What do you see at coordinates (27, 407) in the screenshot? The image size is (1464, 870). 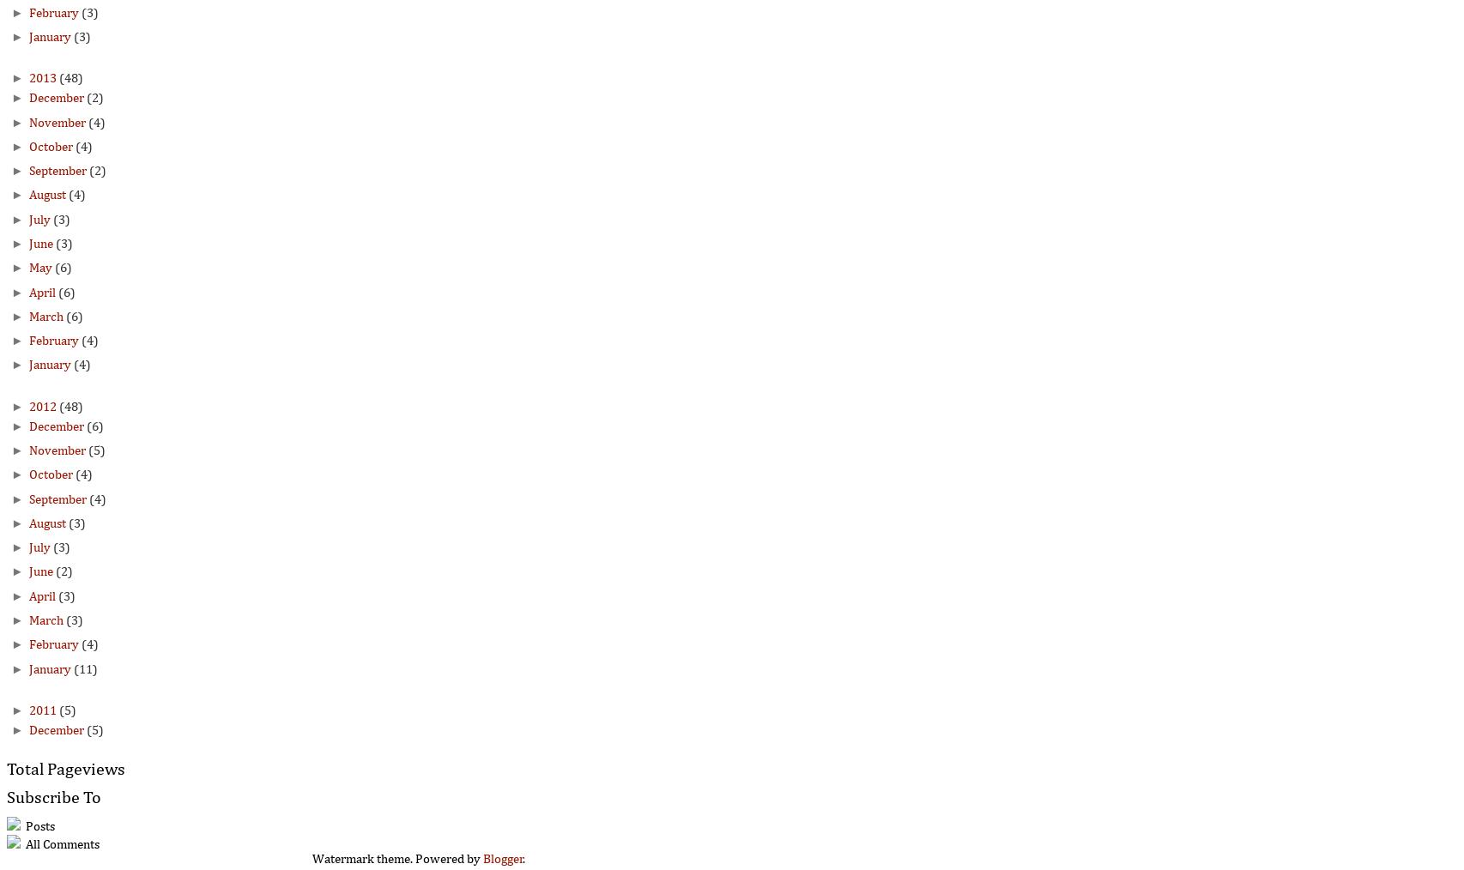 I see `'2012'` at bounding box center [27, 407].